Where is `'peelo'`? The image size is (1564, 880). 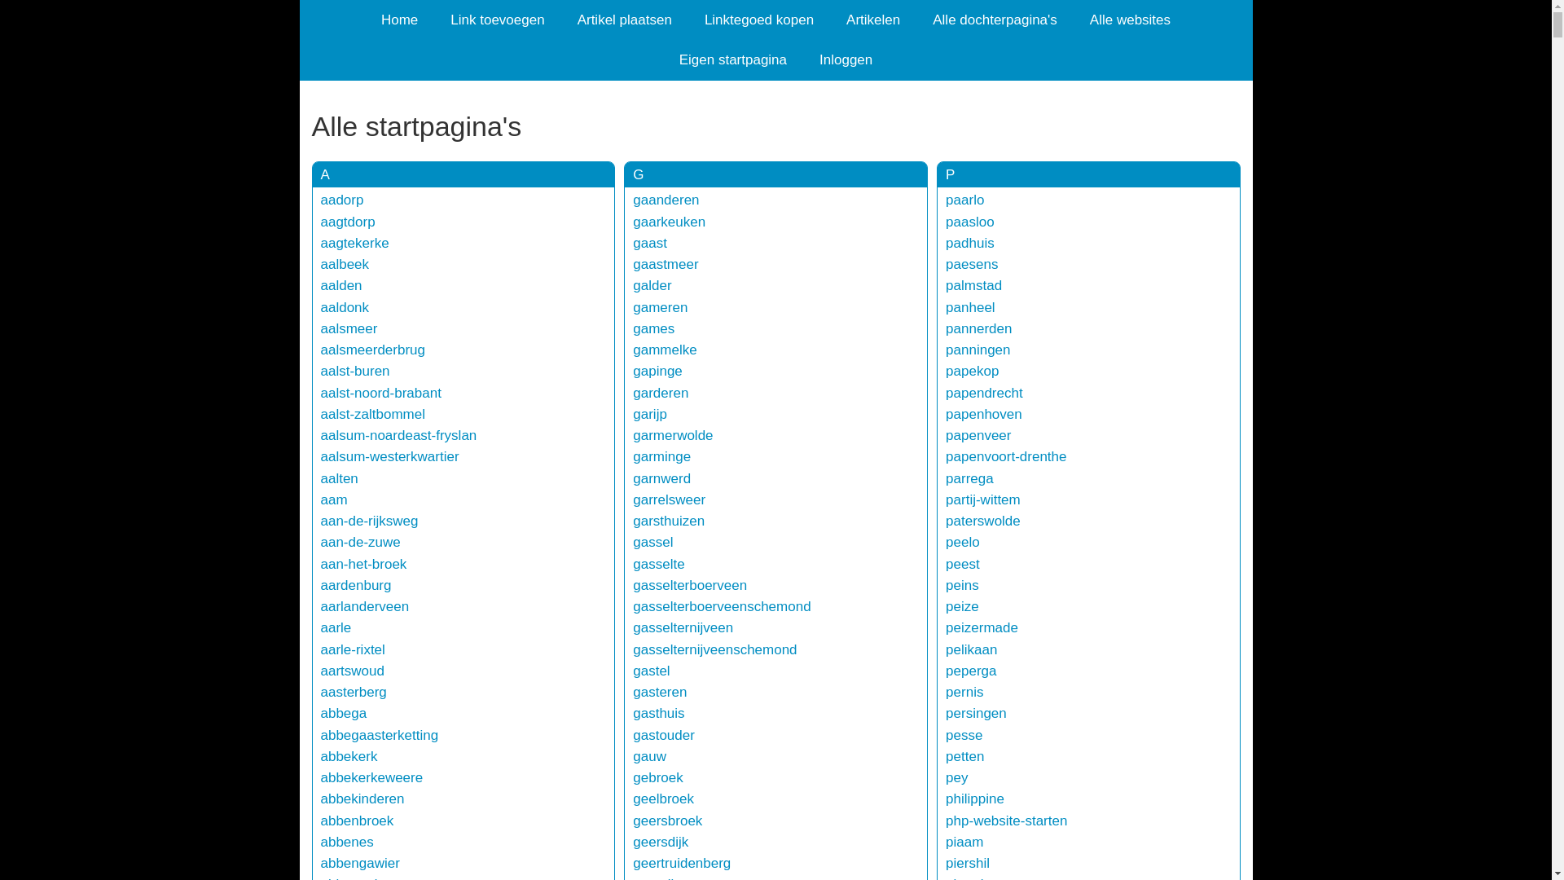 'peelo' is located at coordinates (946, 542).